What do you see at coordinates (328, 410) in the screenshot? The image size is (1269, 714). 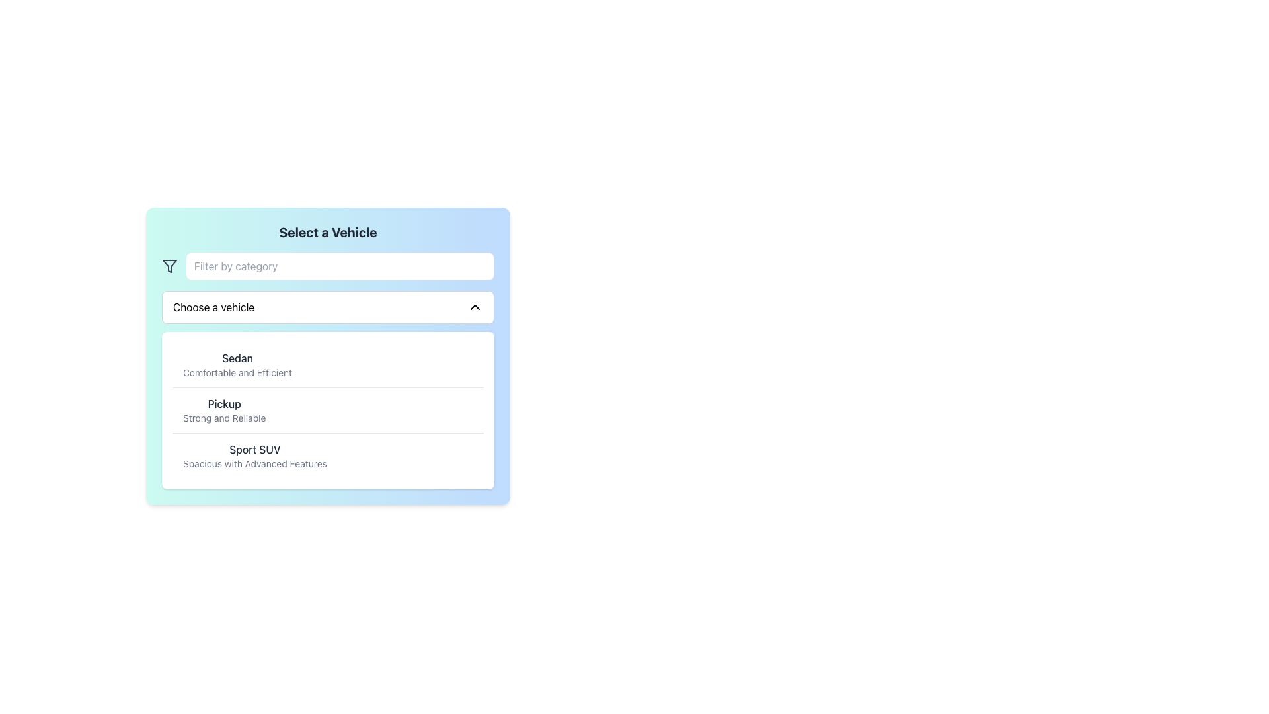 I see `the second list item labeled 'Pickup' with the description 'Strong and Reliable'` at bounding box center [328, 410].